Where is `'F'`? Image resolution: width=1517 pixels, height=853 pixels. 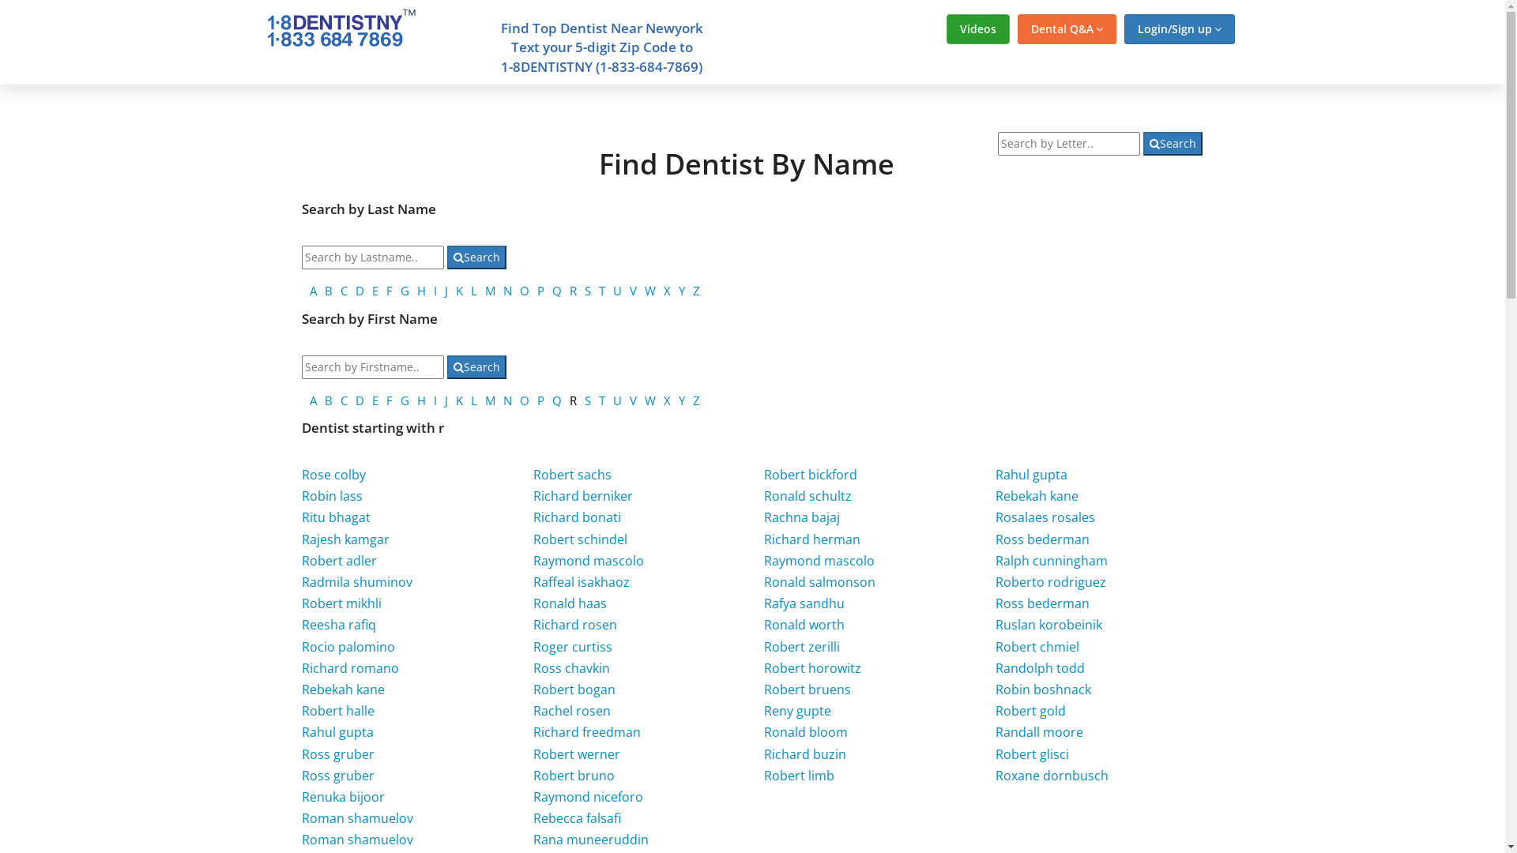
'F' is located at coordinates (390, 290).